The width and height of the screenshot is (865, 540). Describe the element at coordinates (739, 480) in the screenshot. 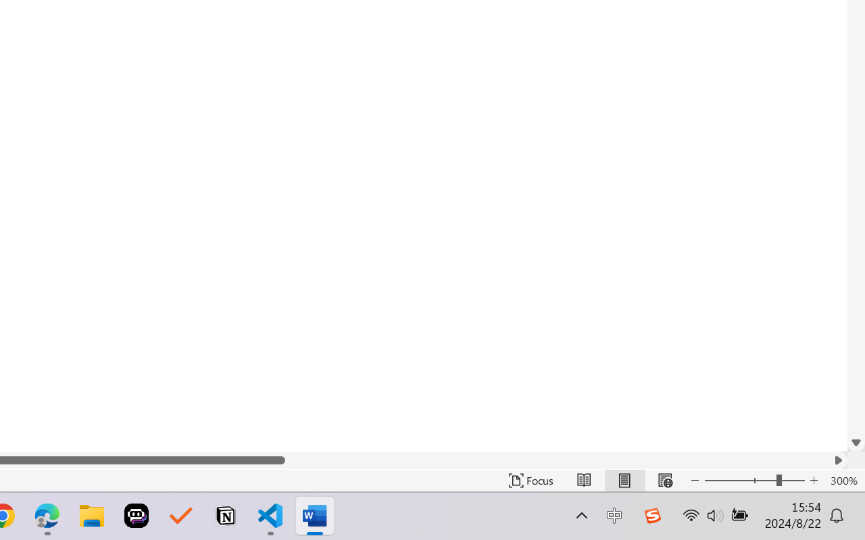

I see `'Zoom Out'` at that location.